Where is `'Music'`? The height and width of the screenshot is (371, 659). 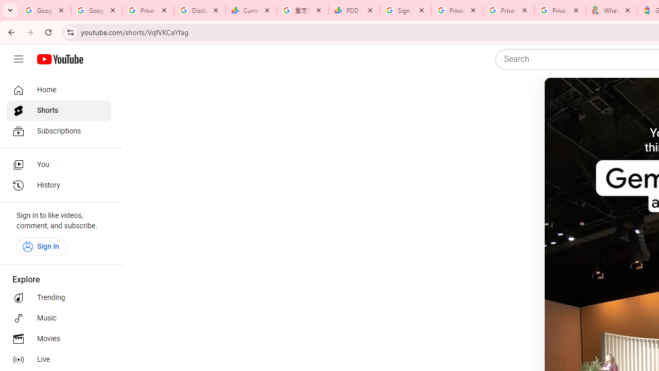
'Music' is located at coordinates (58, 318).